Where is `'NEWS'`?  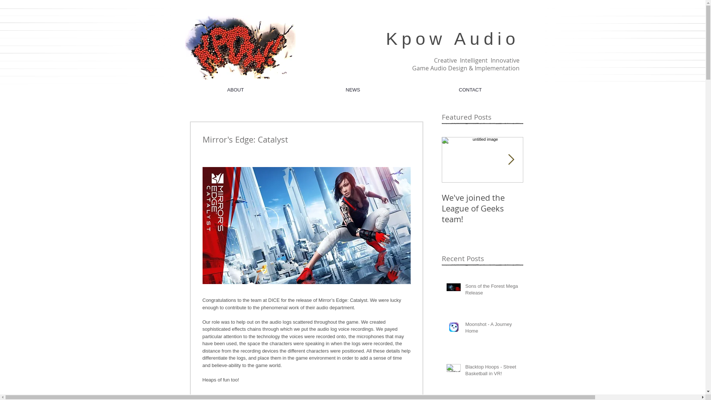
'NEWS' is located at coordinates (352, 89).